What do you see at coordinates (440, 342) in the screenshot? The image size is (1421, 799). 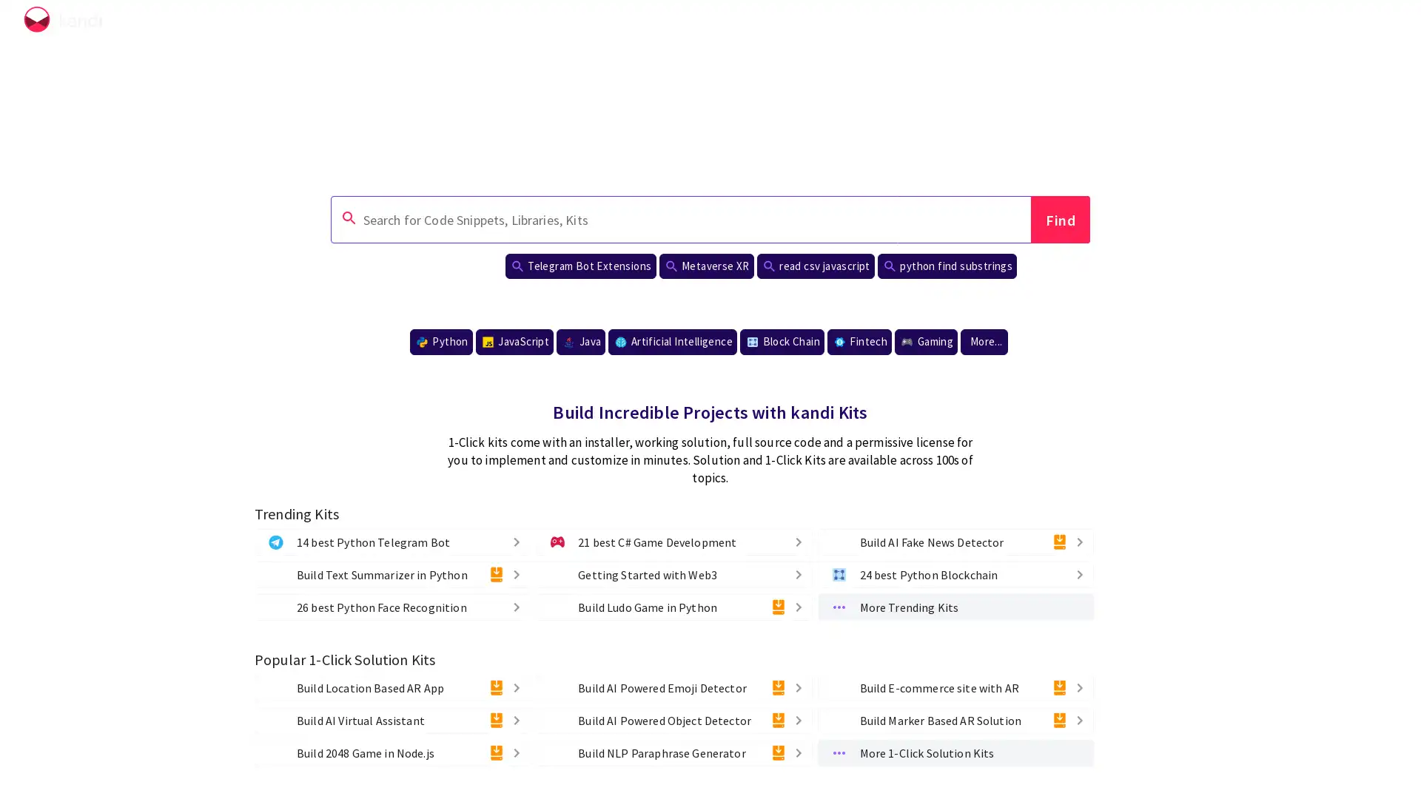 I see `python icon Python` at bounding box center [440, 342].